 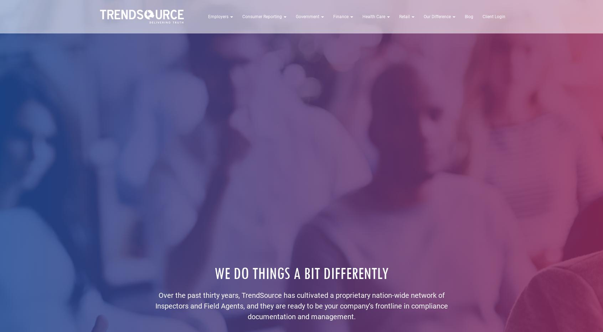 I want to click on 'CMS Appointments and Events Audits', so click(x=351, y=60).